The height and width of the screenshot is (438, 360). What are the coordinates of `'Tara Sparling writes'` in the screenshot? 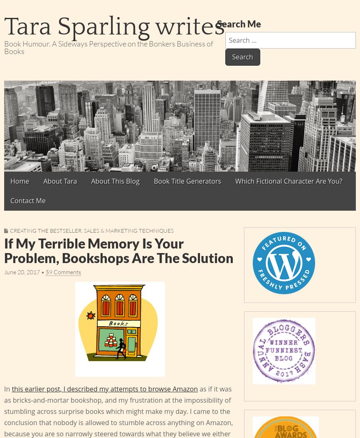 It's located at (114, 27).